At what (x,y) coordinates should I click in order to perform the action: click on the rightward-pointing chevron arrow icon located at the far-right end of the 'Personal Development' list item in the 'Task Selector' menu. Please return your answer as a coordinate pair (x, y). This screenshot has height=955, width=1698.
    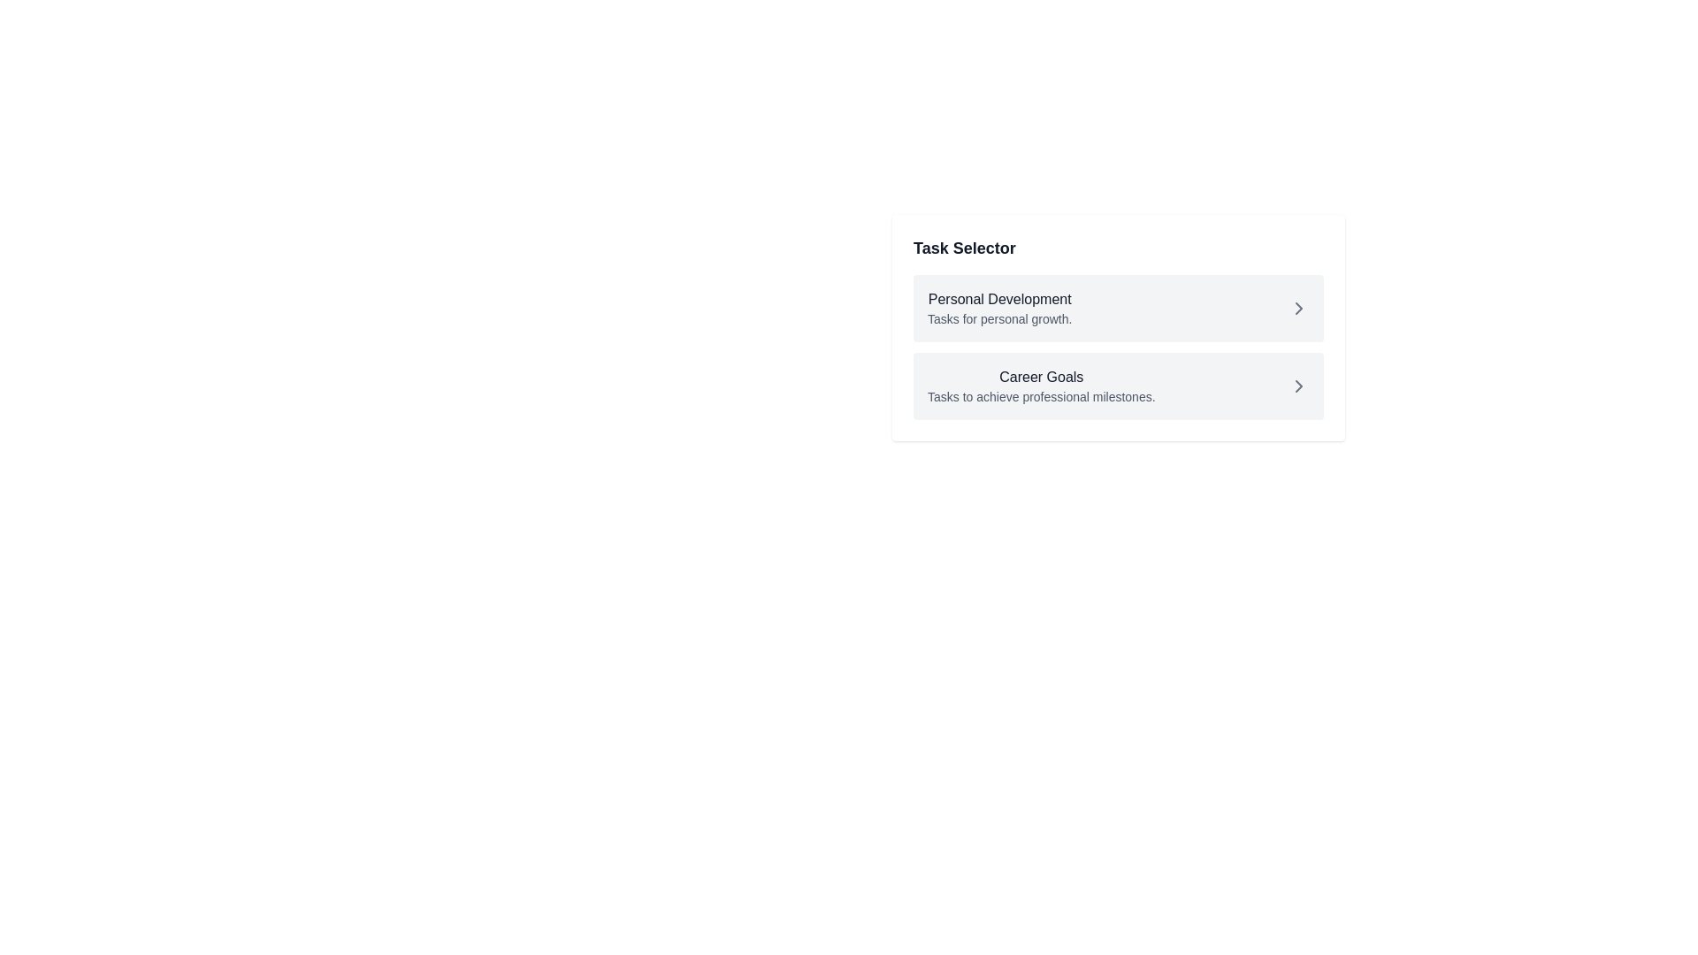
    Looking at the image, I should click on (1298, 307).